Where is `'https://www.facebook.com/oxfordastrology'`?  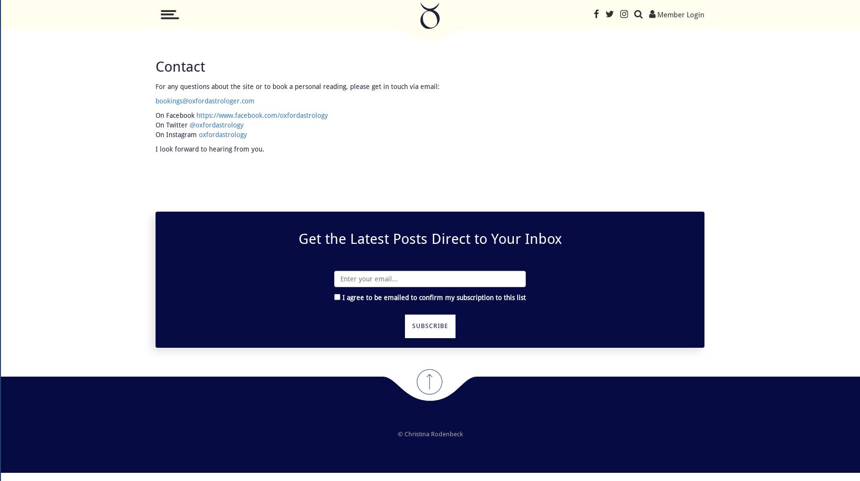
'https://www.facebook.com/oxfordastrology' is located at coordinates (261, 115).